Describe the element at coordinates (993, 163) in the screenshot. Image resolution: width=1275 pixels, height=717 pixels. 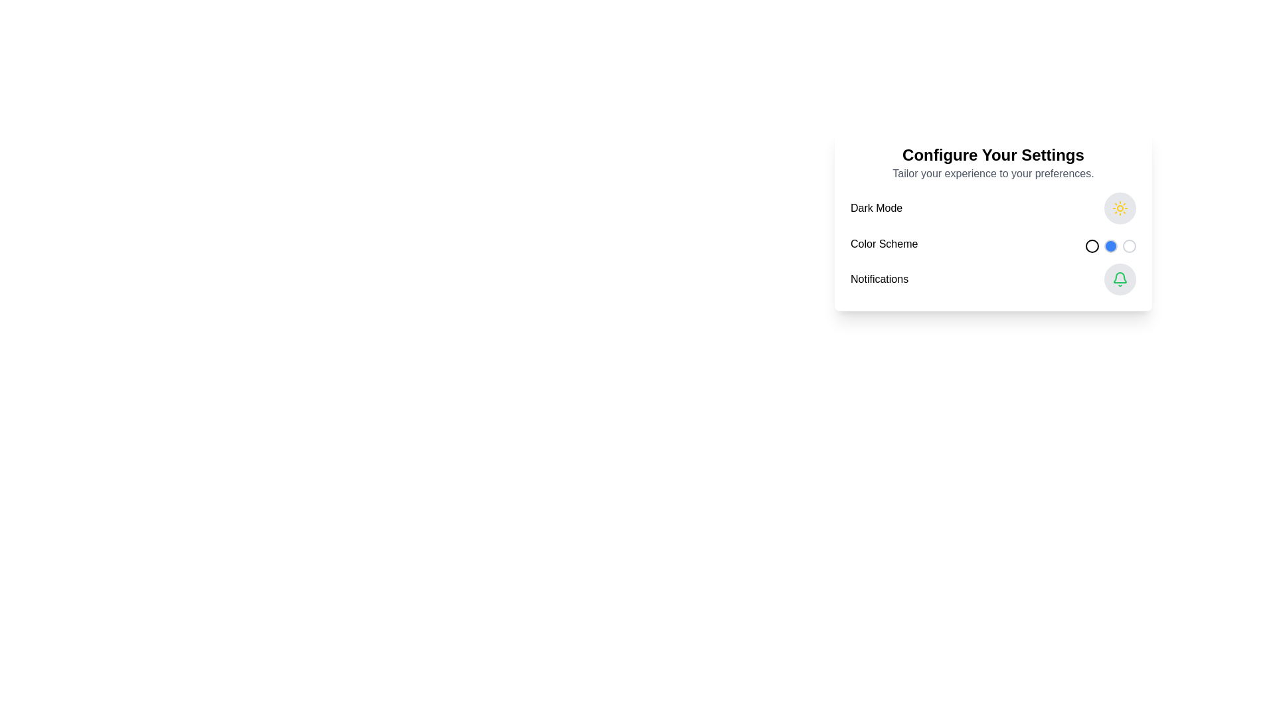
I see `the static text element that serves as the header for the settings configuration section, providing a title and brief description above 'Dark Mode', 'Color Scheme', and 'Notifications'` at that location.